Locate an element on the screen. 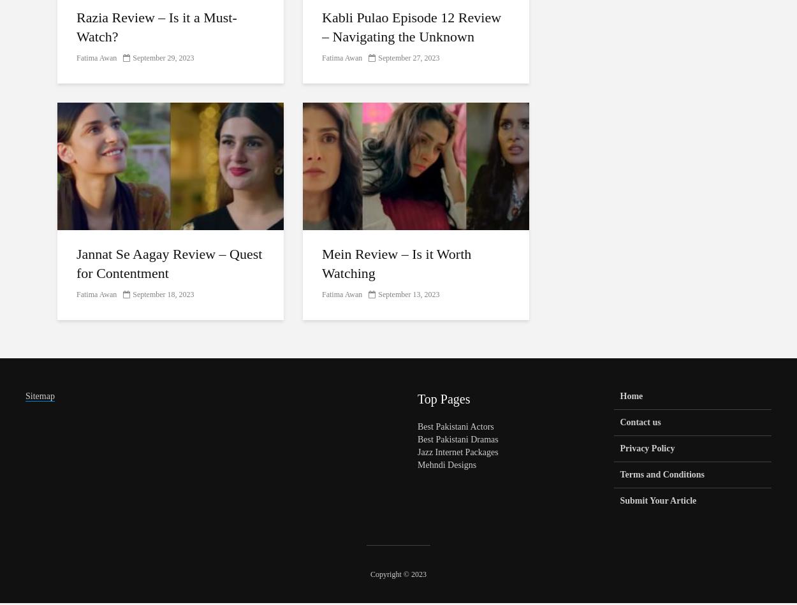 The width and height of the screenshot is (797, 605). 'Terms and Conditions' is located at coordinates (662, 474).